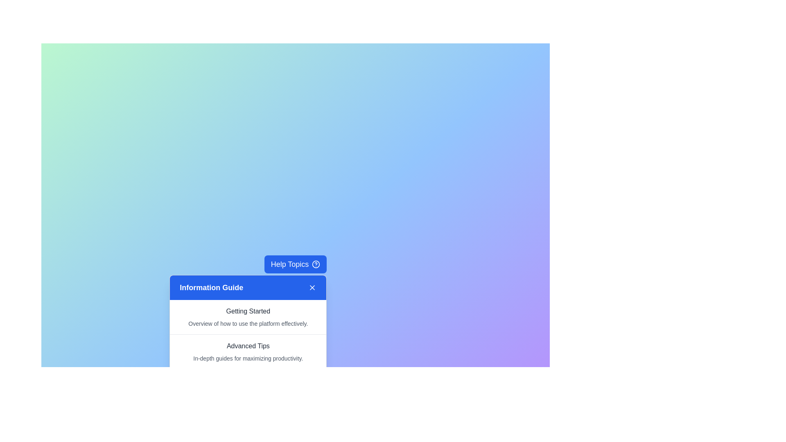 This screenshot has width=786, height=442. I want to click on the label that introduces 'Advanced Tips', positioned below 'Getting Started' and above 'In-depth guides for maximizing productivity', so click(248, 346).